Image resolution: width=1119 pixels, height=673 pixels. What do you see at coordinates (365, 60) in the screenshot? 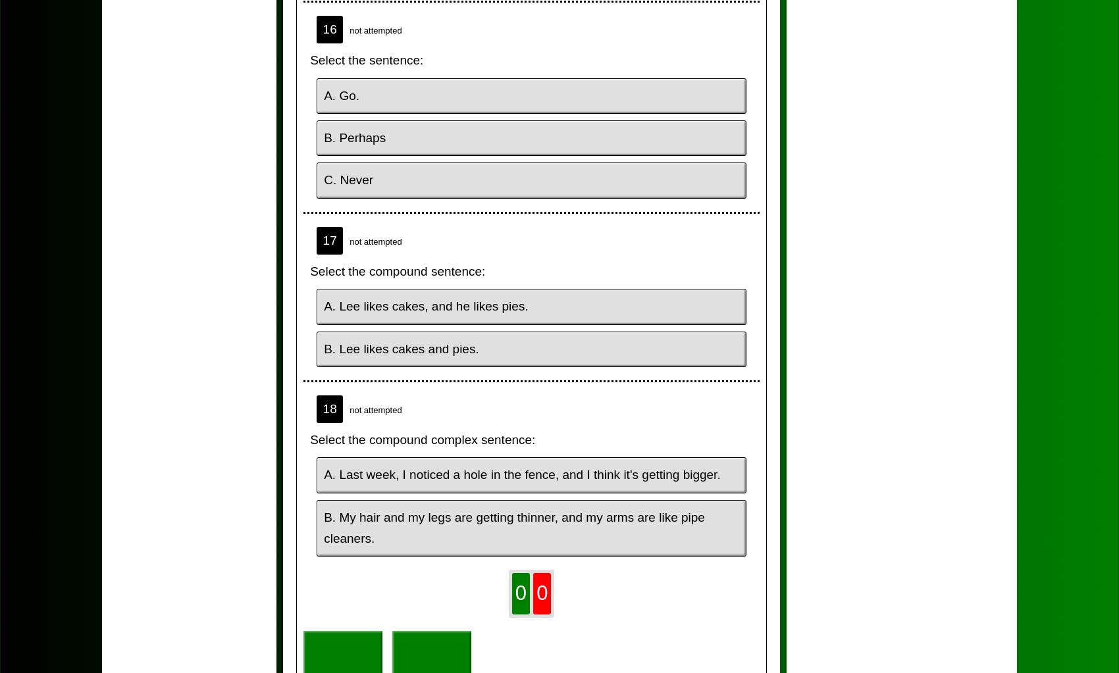
I see `'Select the sentence:'` at bounding box center [365, 60].